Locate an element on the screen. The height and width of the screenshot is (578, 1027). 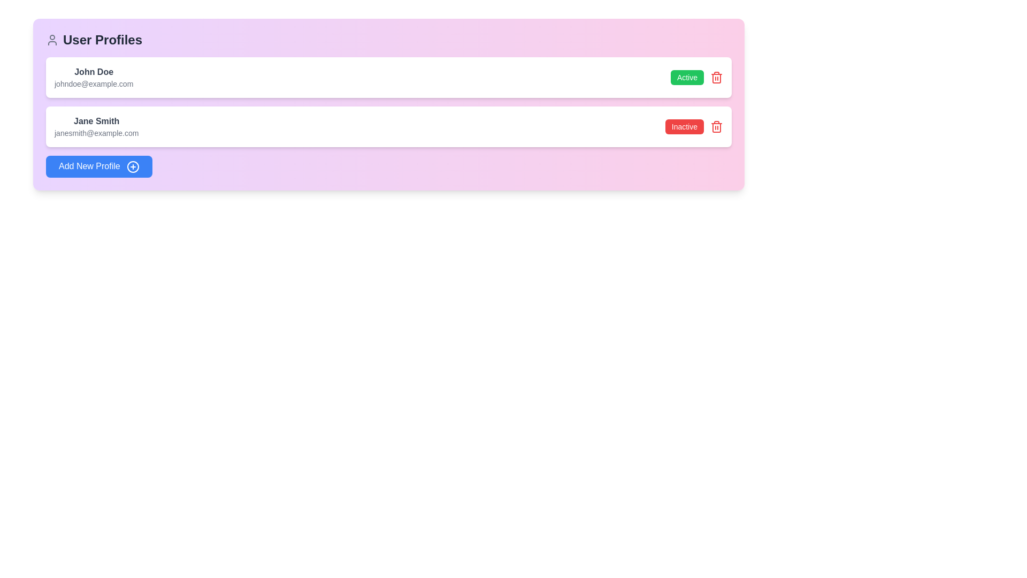
the delete icon button located to the far right of the user status row, adjacent to the 'Inactive' label, to check for additional visual feedback is located at coordinates (716, 126).